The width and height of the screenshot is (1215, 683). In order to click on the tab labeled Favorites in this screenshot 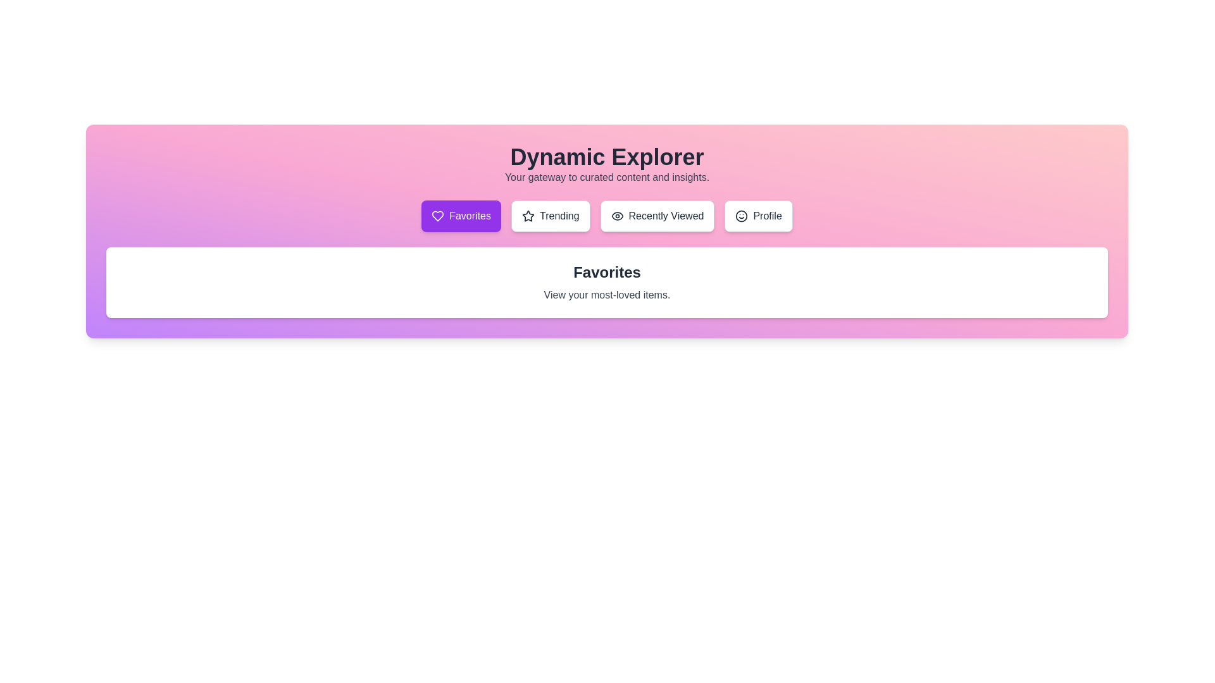, I will do `click(461, 216)`.